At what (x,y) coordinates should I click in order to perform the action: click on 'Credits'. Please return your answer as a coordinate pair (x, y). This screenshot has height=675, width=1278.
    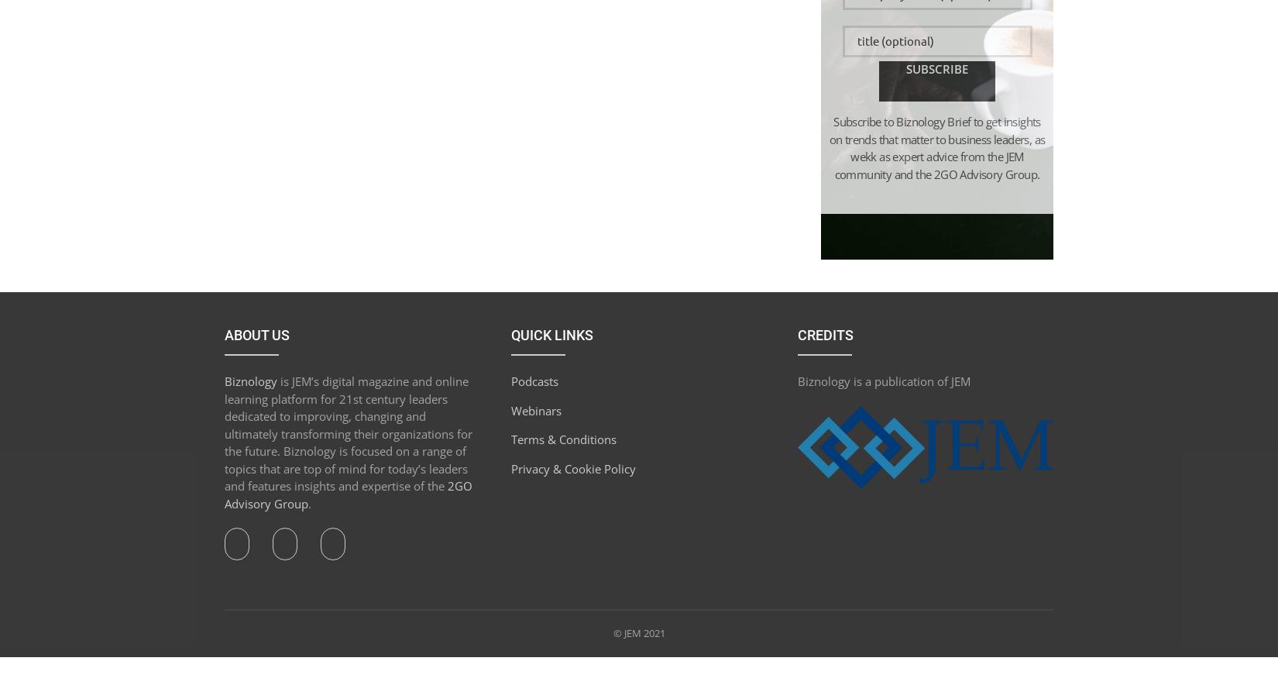
    Looking at the image, I should click on (825, 334).